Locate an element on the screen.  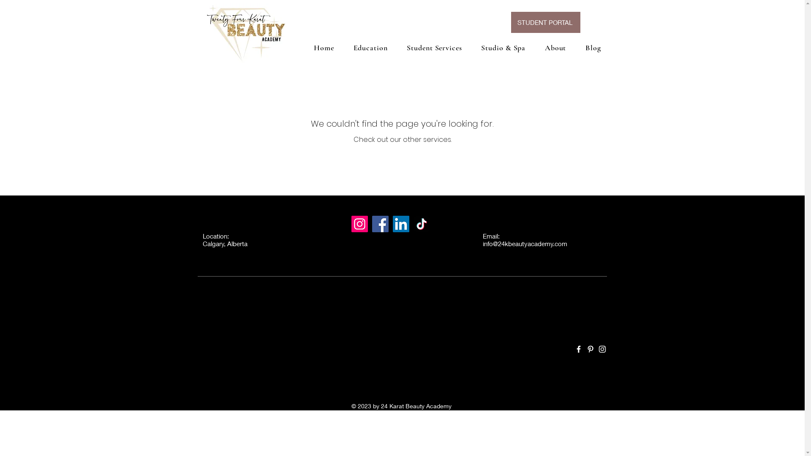
'glitter-lashes-logo_6181d2ad585273_69401884_1.jpg' is located at coordinates (244, 33).